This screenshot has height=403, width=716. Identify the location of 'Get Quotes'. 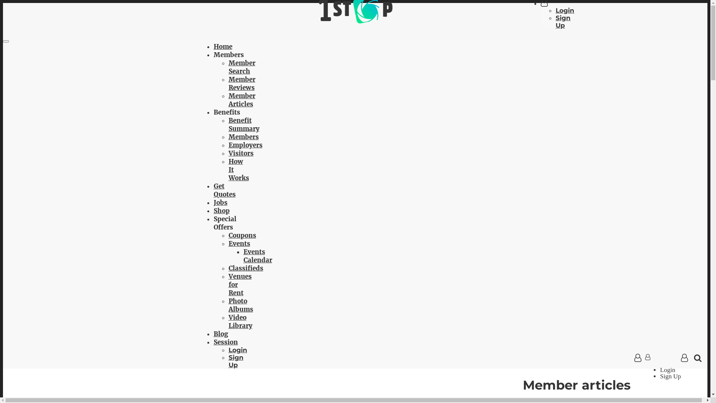
(224, 190).